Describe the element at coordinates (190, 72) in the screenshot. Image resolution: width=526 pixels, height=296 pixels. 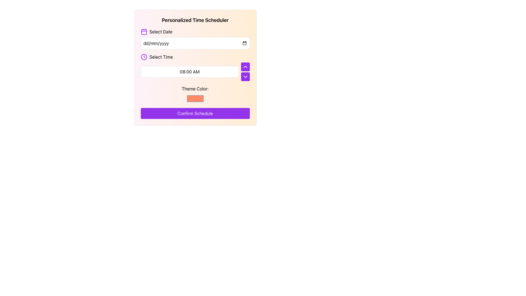
I see `the time input field located just below the 'Select Time' label` at that location.